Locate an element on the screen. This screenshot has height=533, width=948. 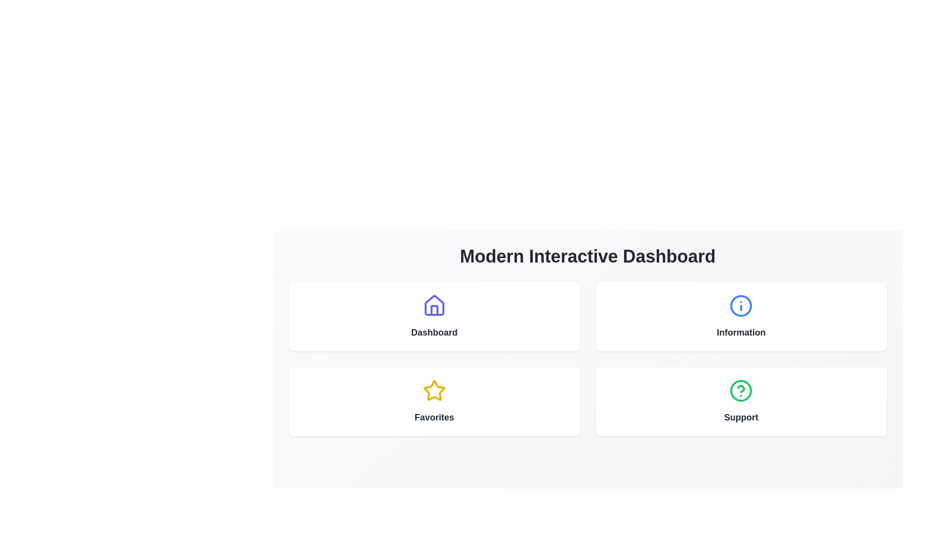
the door icon, which is a vertical rectangle inside the house icon located in the upper-left card labeled 'Dashboard' is located at coordinates (434, 309).